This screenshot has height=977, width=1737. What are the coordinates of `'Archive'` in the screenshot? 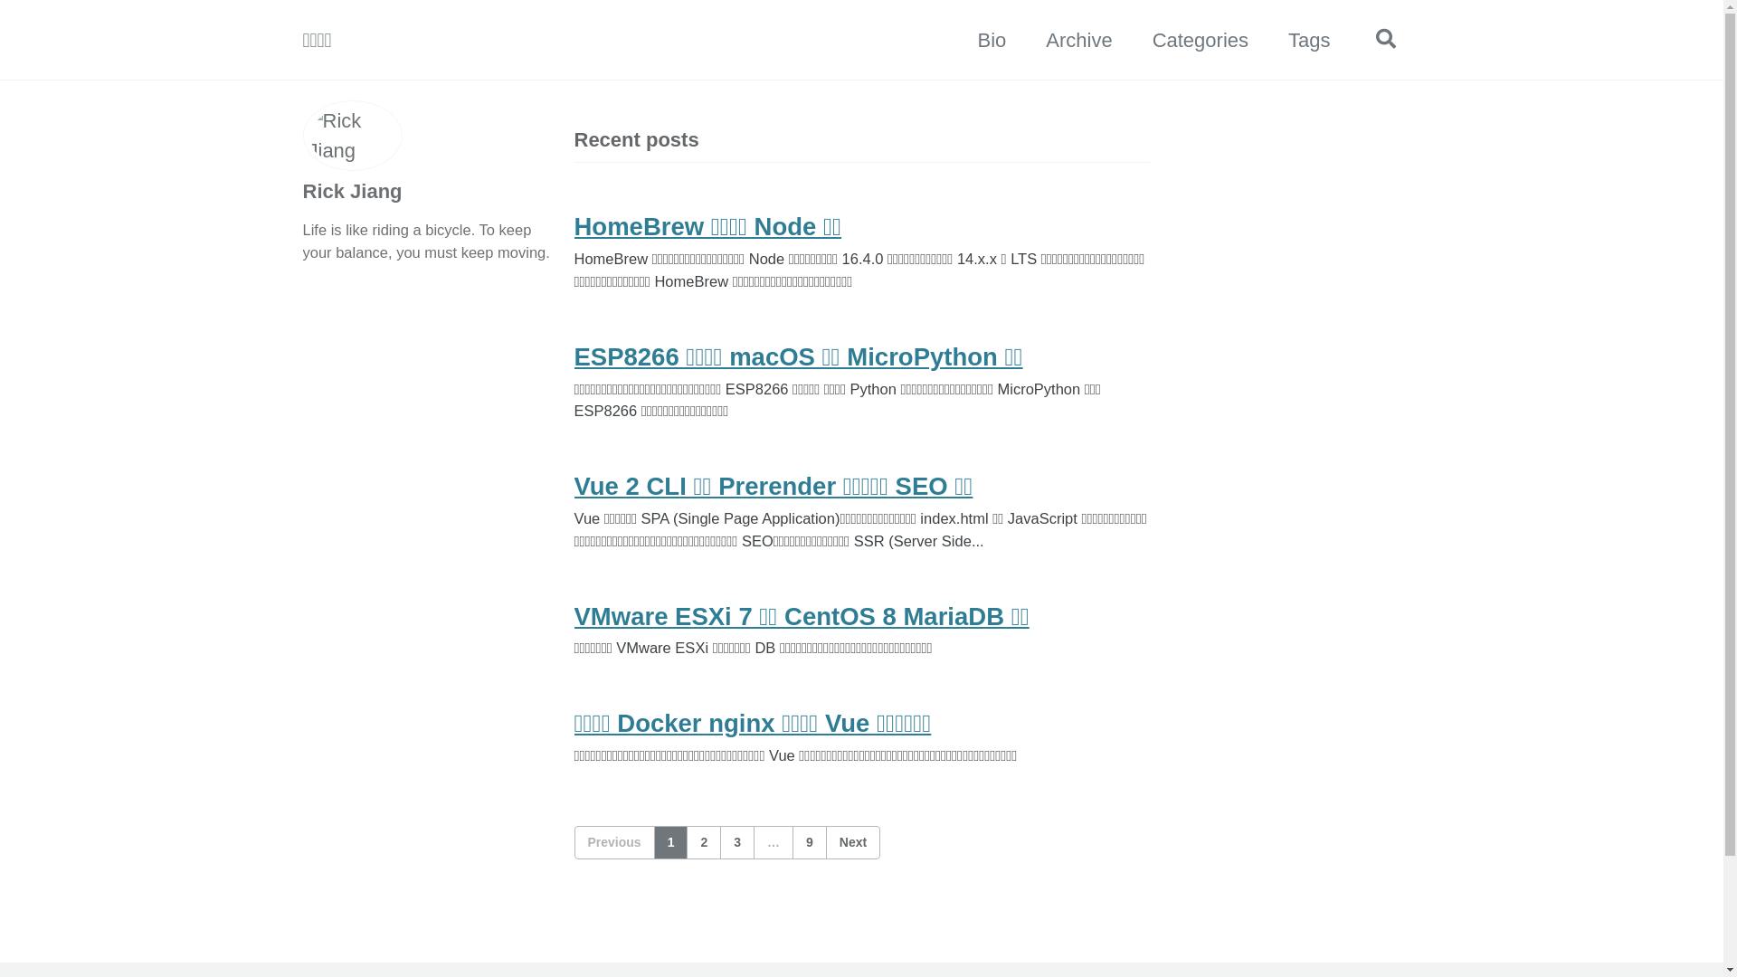 It's located at (1078, 40).